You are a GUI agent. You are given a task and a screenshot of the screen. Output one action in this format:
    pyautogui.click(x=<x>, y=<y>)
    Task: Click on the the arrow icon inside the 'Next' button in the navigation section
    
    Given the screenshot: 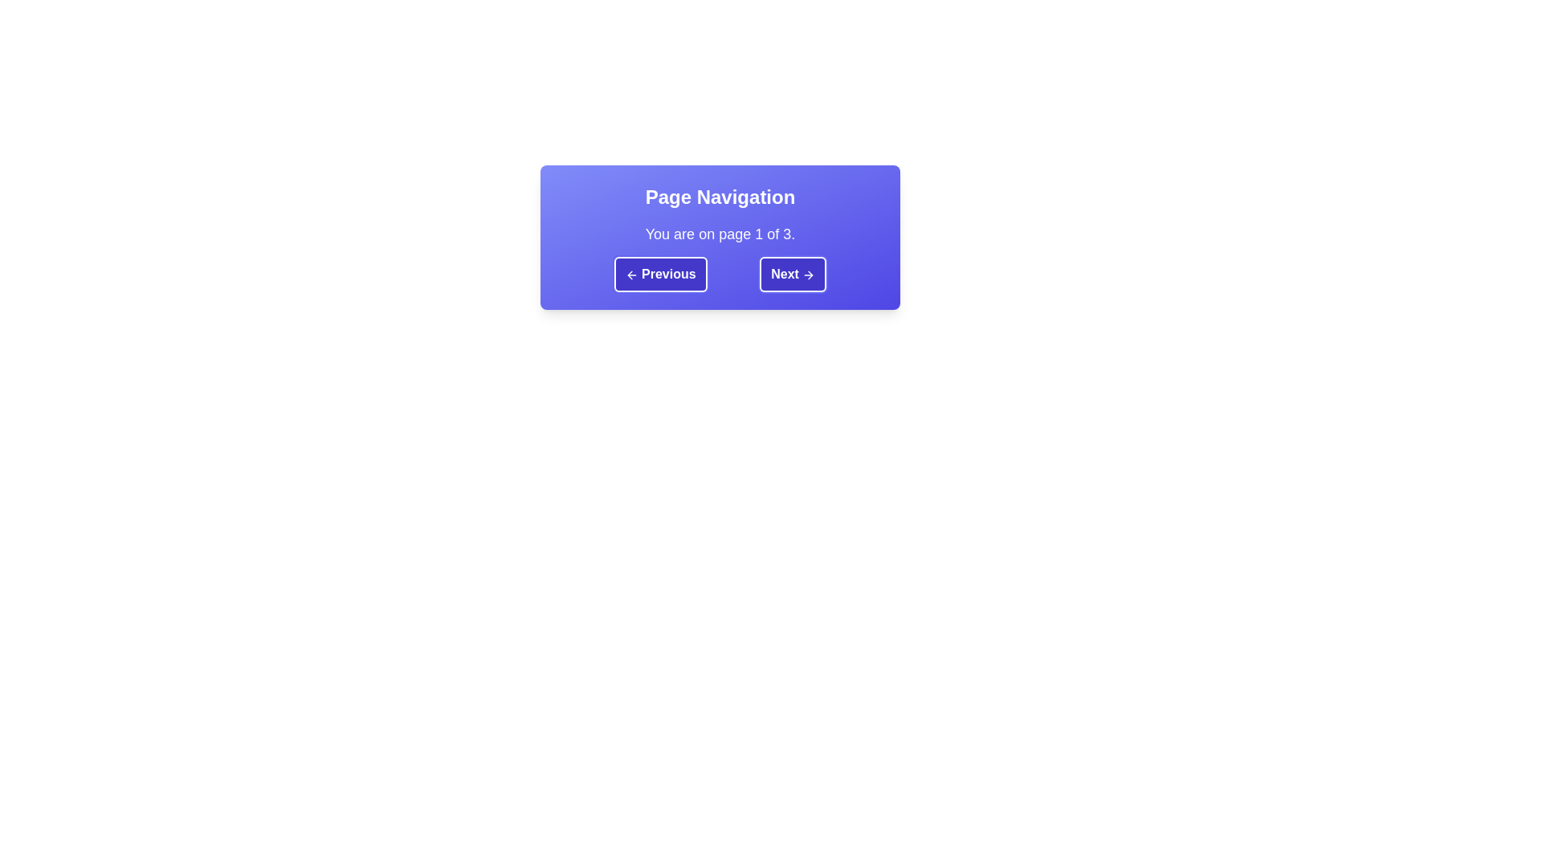 What is the action you would take?
    pyautogui.click(x=809, y=274)
    